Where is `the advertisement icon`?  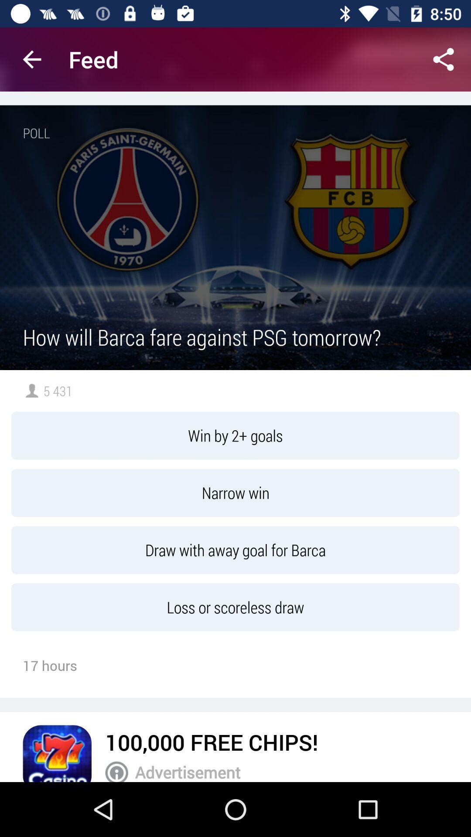
the advertisement icon is located at coordinates (291, 772).